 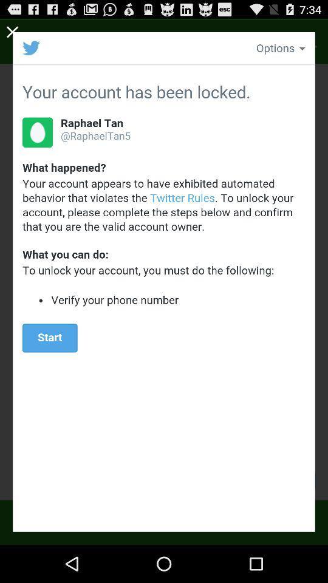 What do you see at coordinates (12, 33) in the screenshot?
I see `the close icon` at bounding box center [12, 33].